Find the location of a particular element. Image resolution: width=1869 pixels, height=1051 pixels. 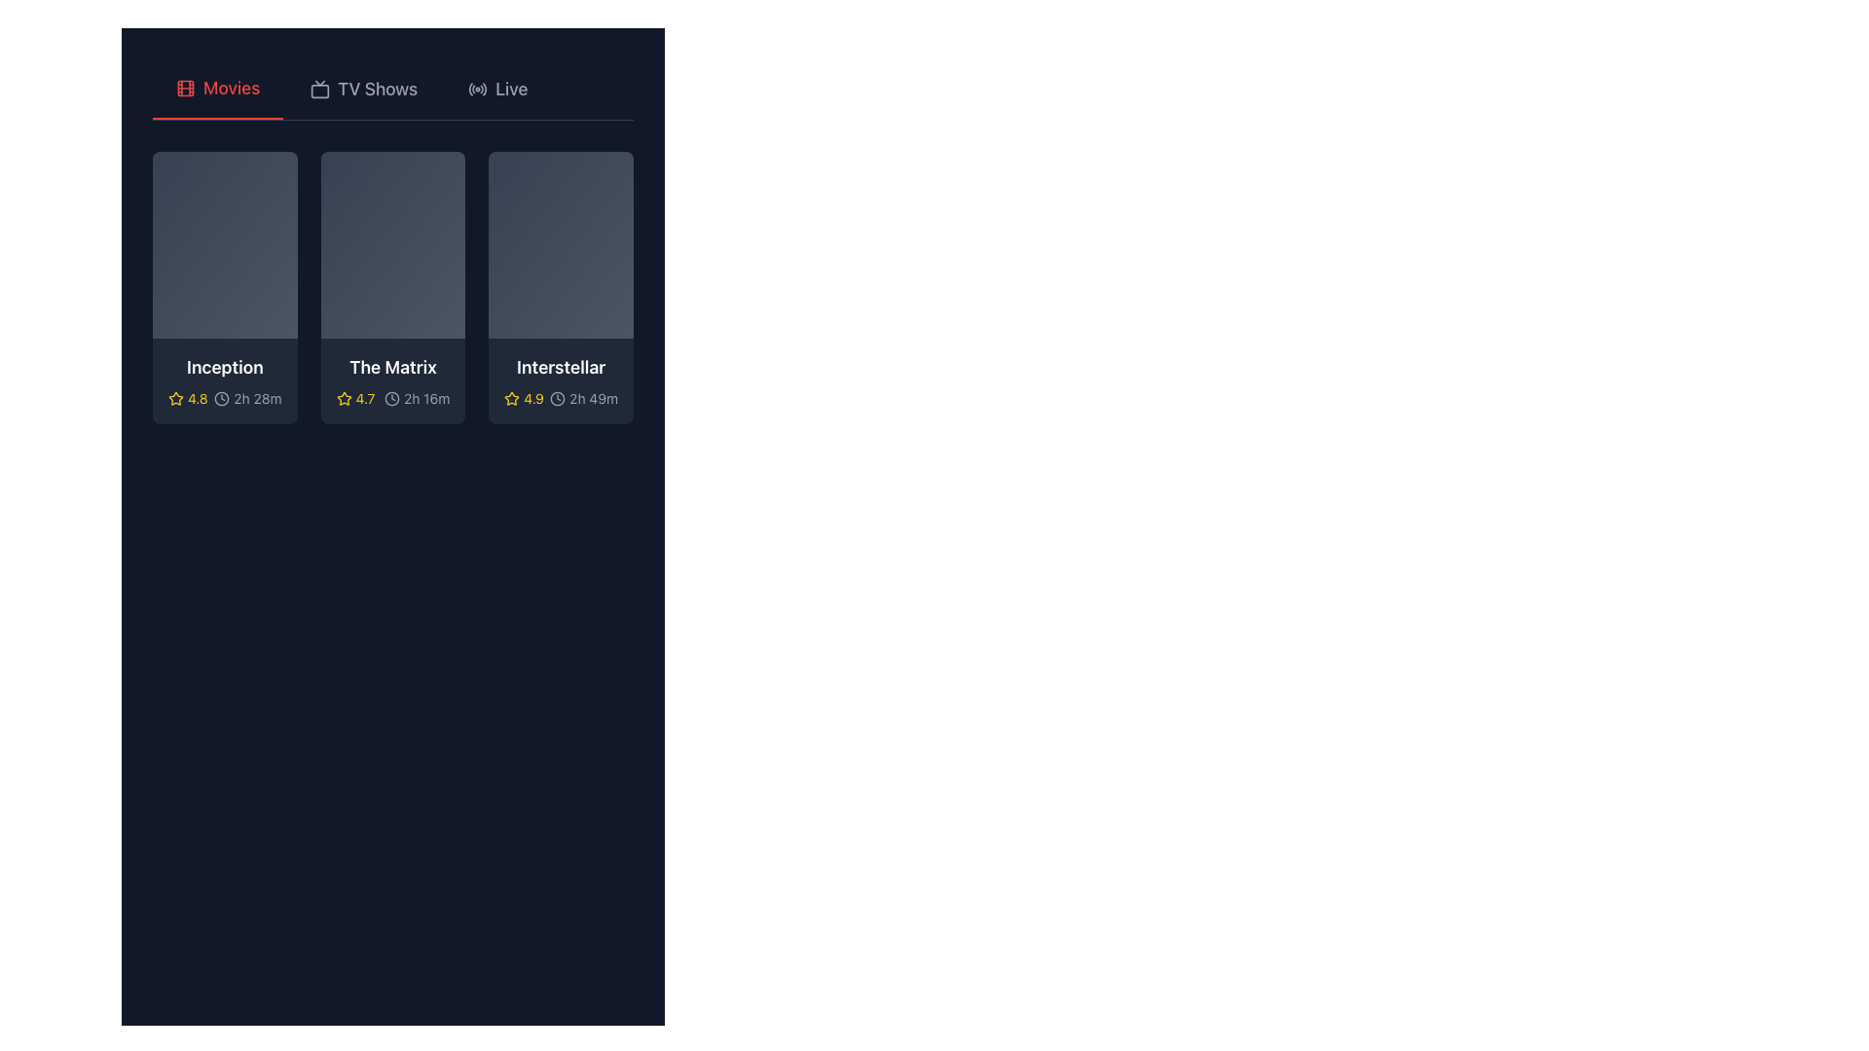

numerical value '4.9' displayed in bold yellow font beneath the title 'Interstellar' in the third card, next to the star icon is located at coordinates (533, 397).